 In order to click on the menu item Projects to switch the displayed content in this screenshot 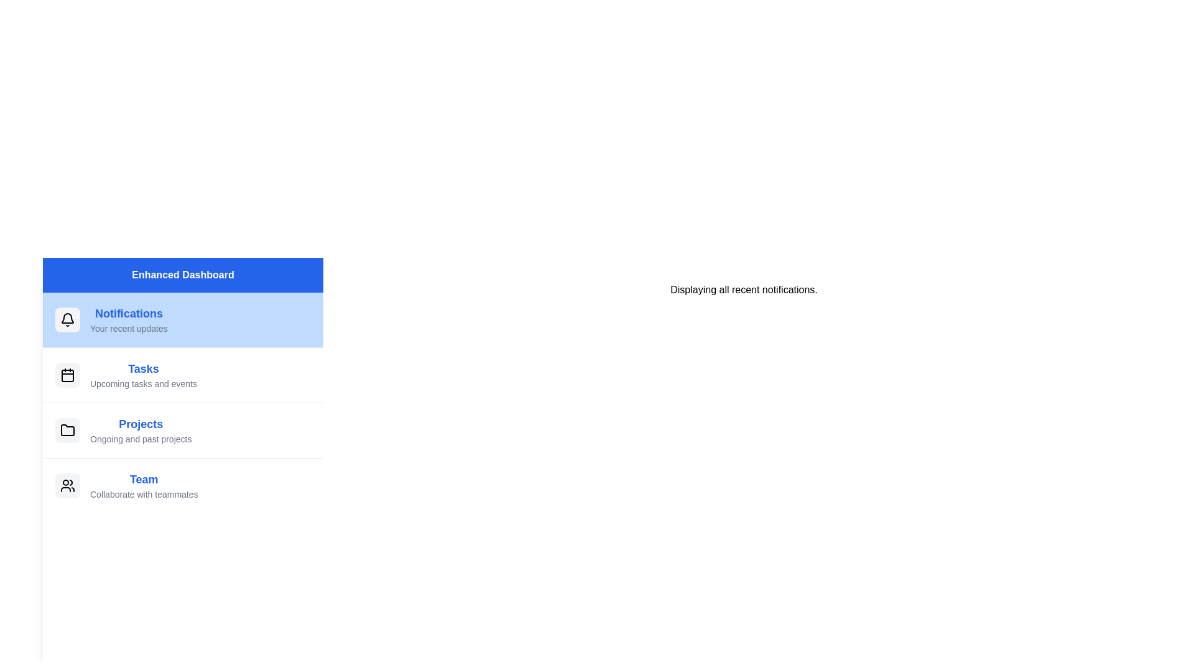, I will do `click(182, 429)`.